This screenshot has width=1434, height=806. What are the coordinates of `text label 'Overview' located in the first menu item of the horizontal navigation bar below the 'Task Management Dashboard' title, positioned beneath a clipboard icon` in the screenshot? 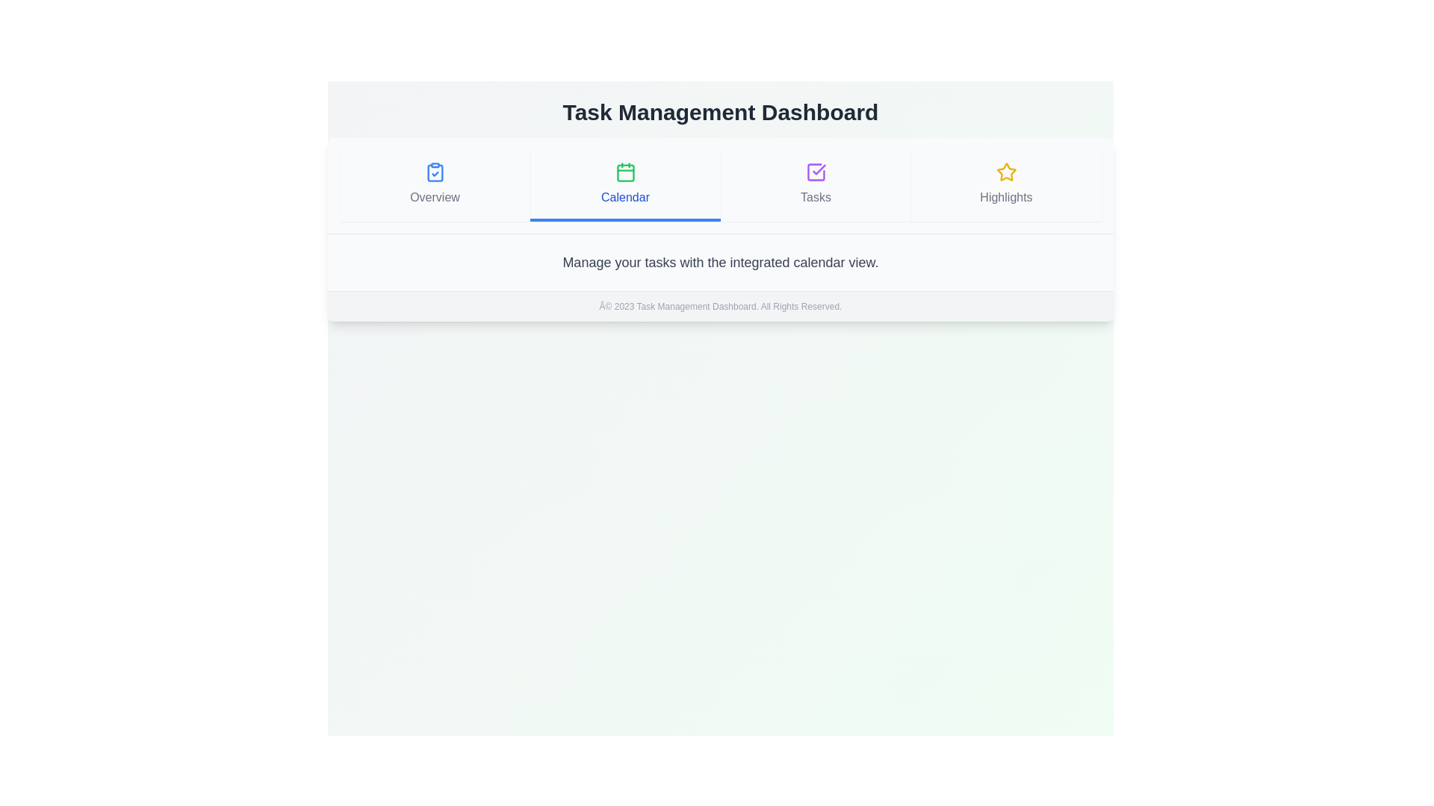 It's located at (434, 197).